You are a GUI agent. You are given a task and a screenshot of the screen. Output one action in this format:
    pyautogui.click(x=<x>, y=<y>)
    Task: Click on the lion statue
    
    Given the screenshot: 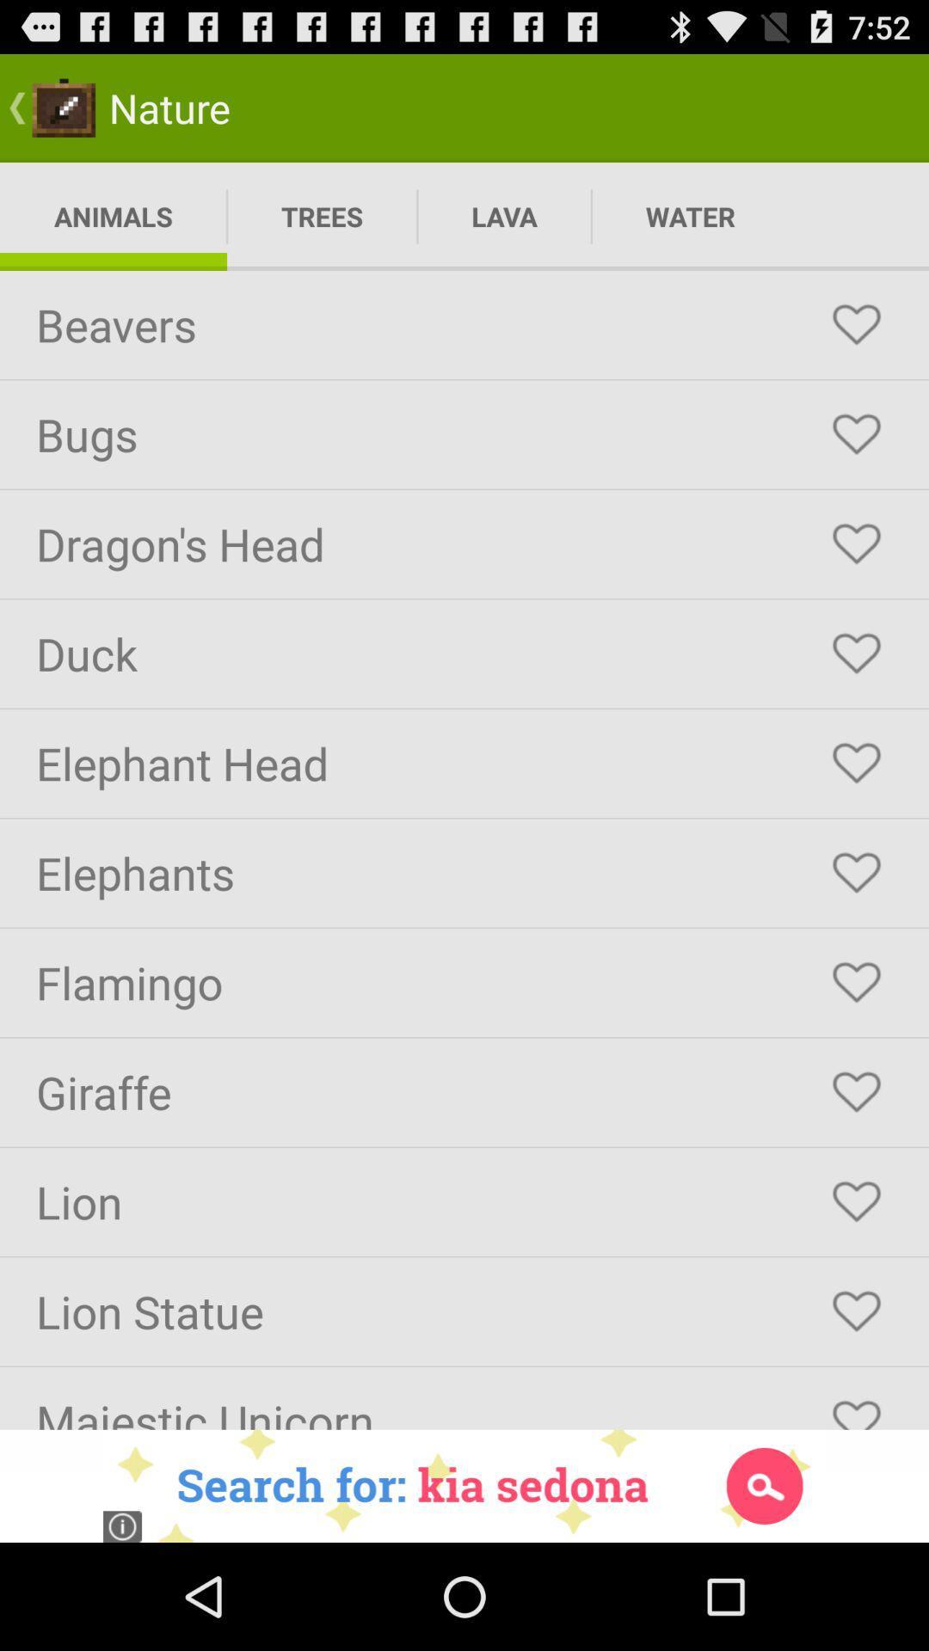 What is the action you would take?
    pyautogui.click(x=856, y=1310)
    